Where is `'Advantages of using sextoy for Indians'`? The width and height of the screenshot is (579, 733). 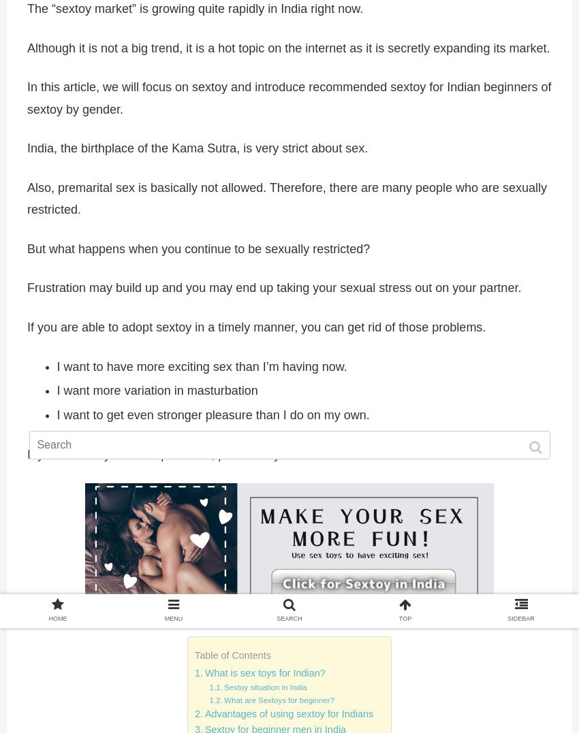 'Advantages of using sextoy for Indians' is located at coordinates (288, 713).